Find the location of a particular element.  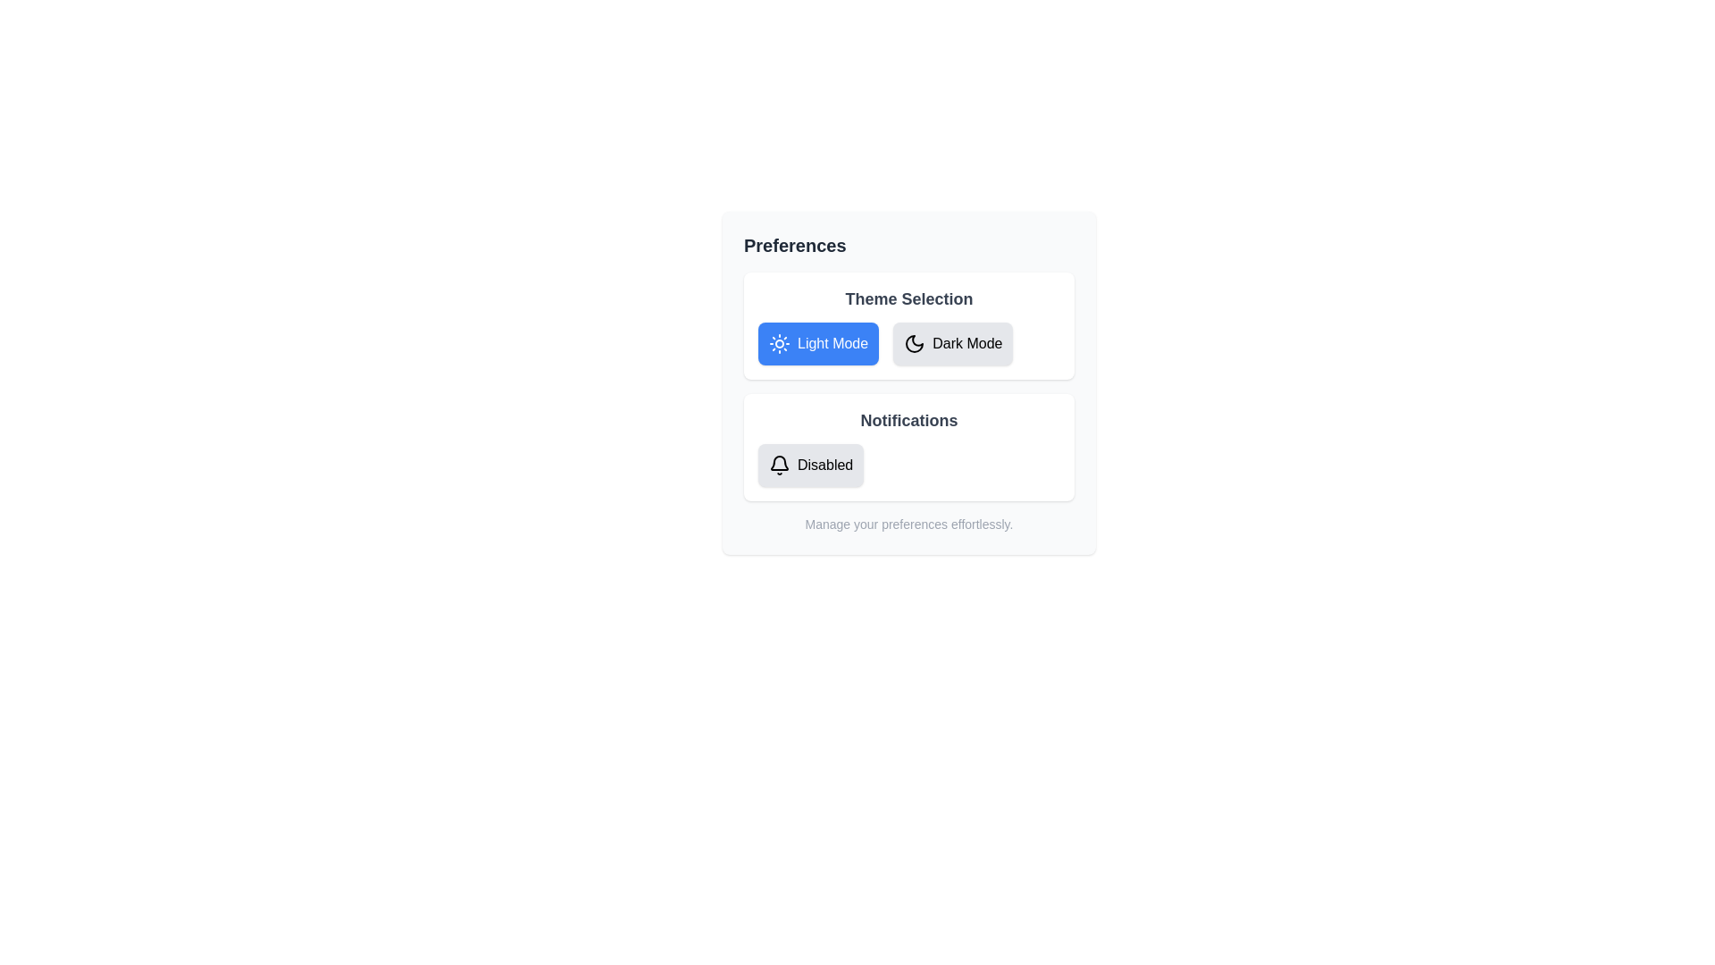

the 'Light Mode' or 'Dark Mode' button in the Interactive card for theme selection located in the top-center part of the 'Preferences' card is located at coordinates (908, 326).